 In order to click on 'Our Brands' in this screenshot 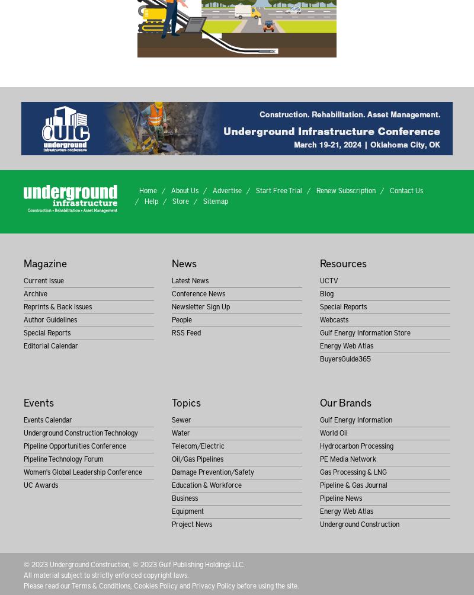, I will do `click(344, 401)`.